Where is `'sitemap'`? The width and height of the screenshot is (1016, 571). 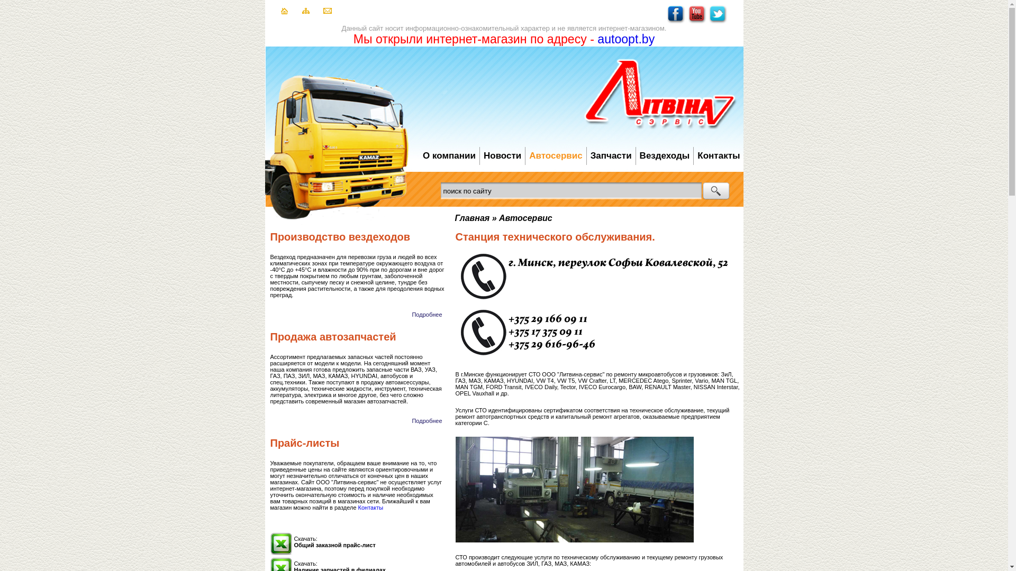
'sitemap' is located at coordinates (304, 12).